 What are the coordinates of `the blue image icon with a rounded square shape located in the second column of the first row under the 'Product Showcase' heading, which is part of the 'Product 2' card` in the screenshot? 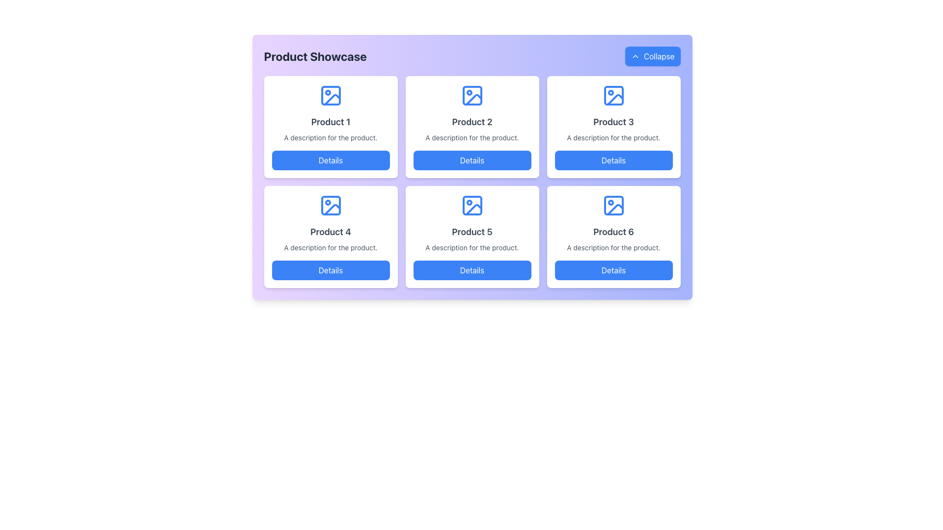 It's located at (472, 96).